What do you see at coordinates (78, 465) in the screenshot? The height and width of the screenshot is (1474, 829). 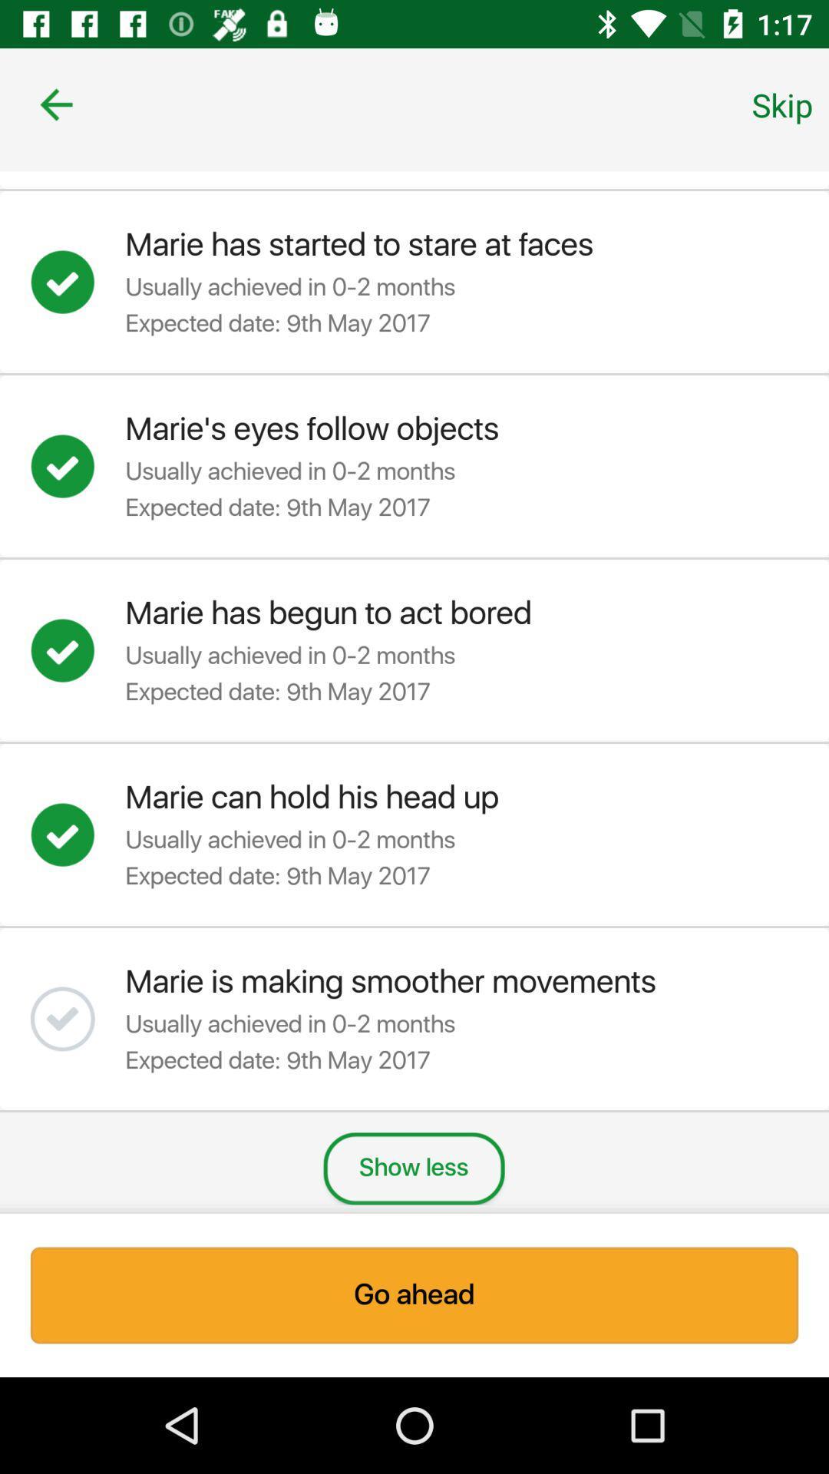 I see `the option` at bounding box center [78, 465].